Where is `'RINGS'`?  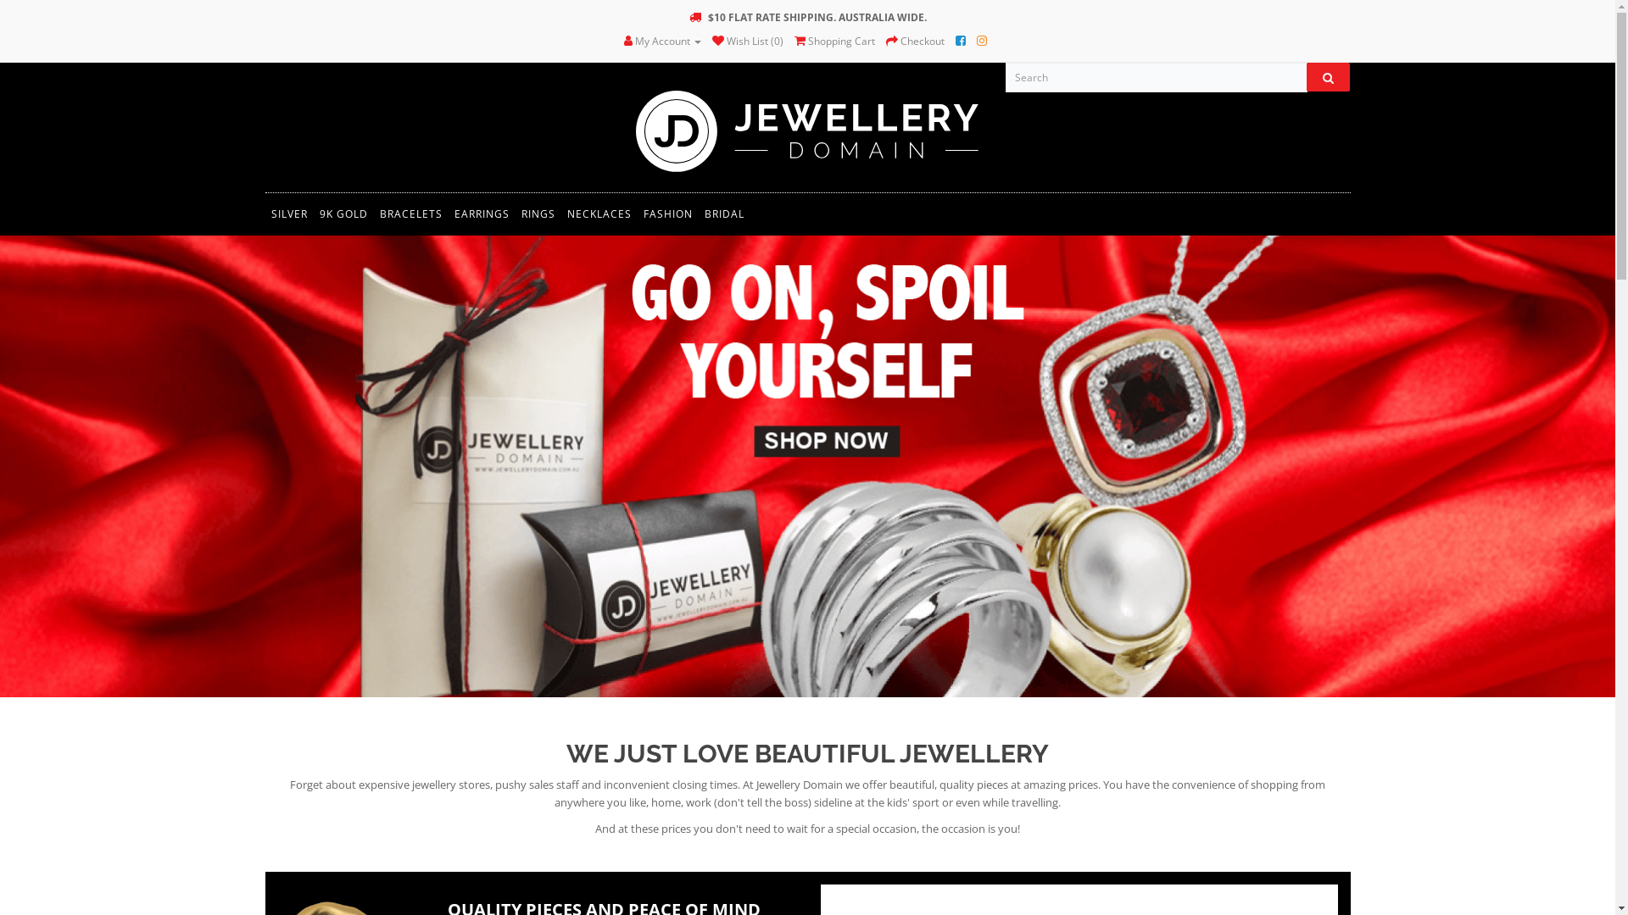 'RINGS' is located at coordinates (537, 213).